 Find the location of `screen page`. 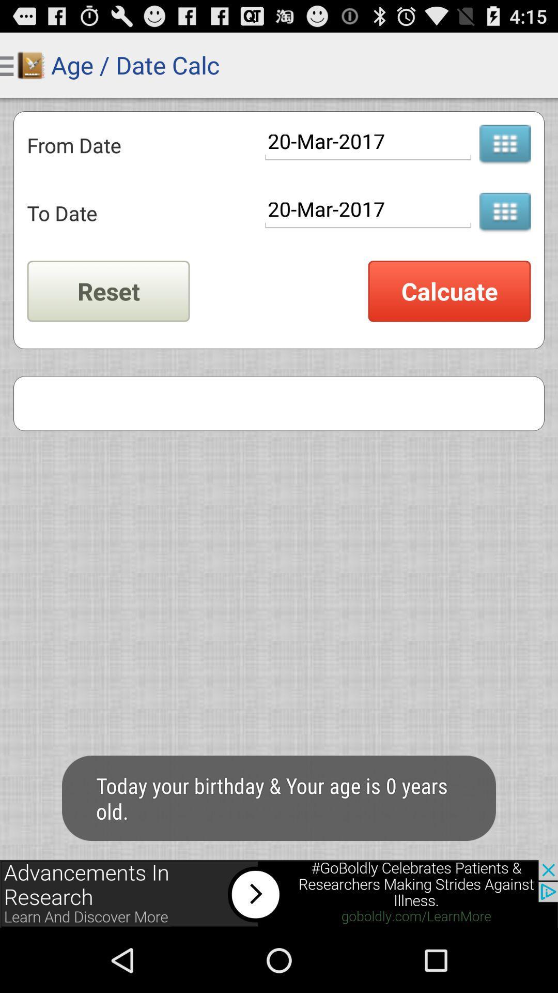

screen page is located at coordinates (279, 893).